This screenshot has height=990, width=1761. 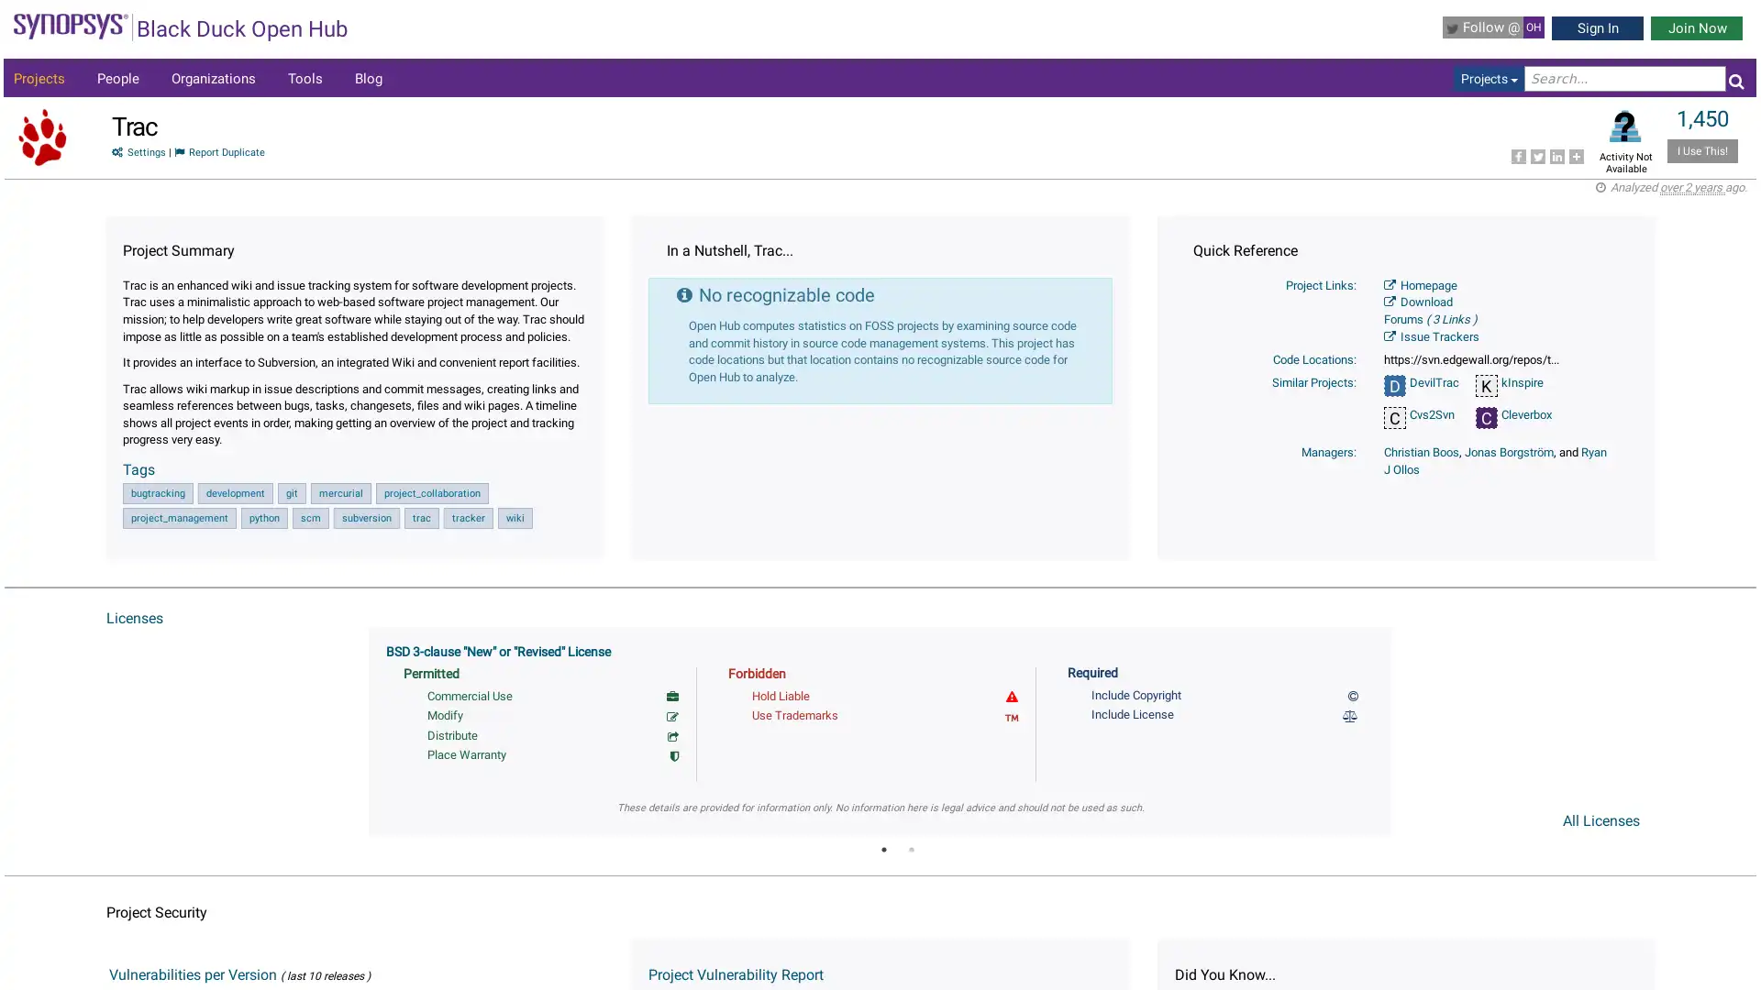 I want to click on Share to LinkedIn, so click(x=1556, y=155).